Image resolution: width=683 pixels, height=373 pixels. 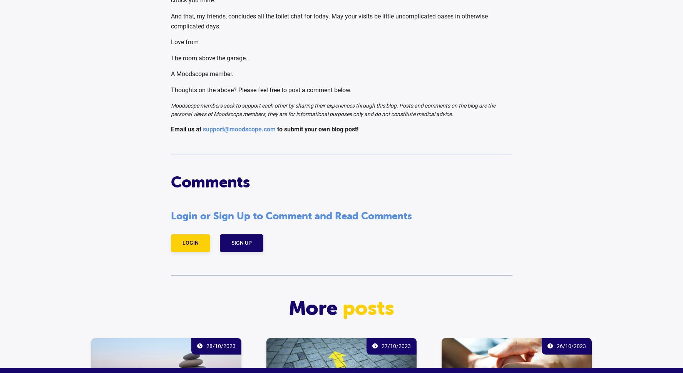 What do you see at coordinates (396, 346) in the screenshot?
I see `'27/10/2023'` at bounding box center [396, 346].